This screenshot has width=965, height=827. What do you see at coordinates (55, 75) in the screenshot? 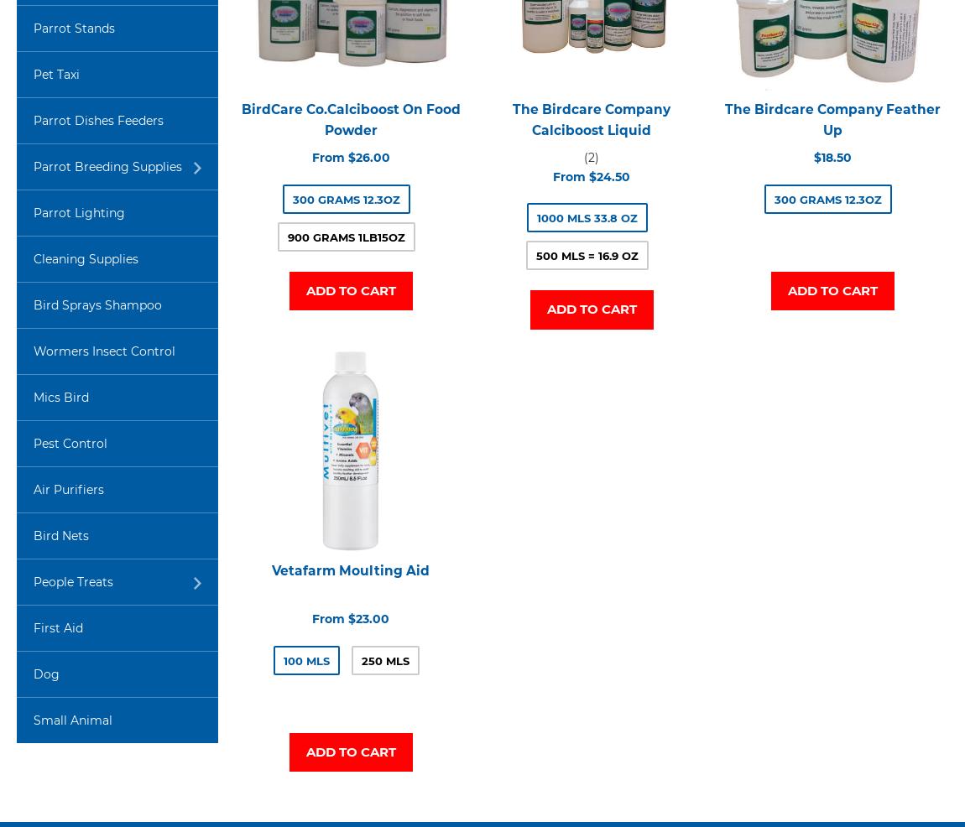
I see `'Pet Taxi'` at bounding box center [55, 75].